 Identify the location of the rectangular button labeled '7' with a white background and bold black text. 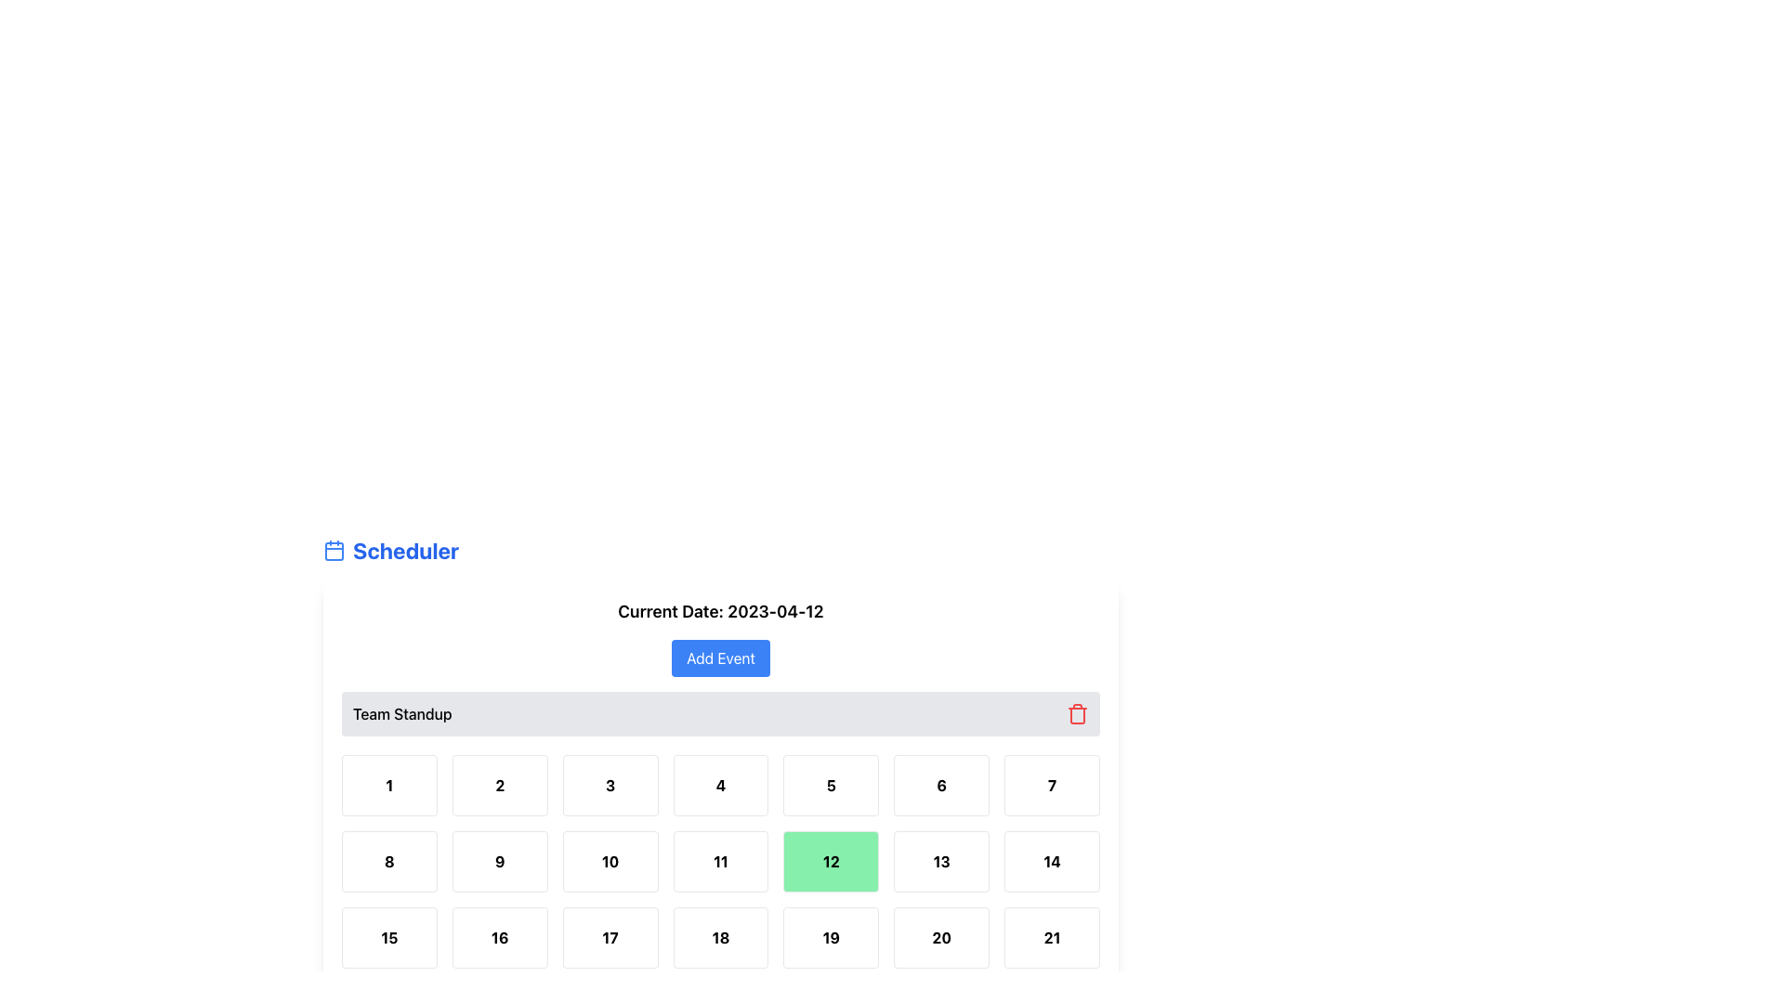
(1052, 785).